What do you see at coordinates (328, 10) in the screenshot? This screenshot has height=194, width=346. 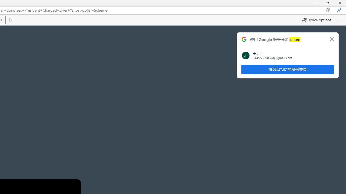 I see `'App available. Install X'` at bounding box center [328, 10].